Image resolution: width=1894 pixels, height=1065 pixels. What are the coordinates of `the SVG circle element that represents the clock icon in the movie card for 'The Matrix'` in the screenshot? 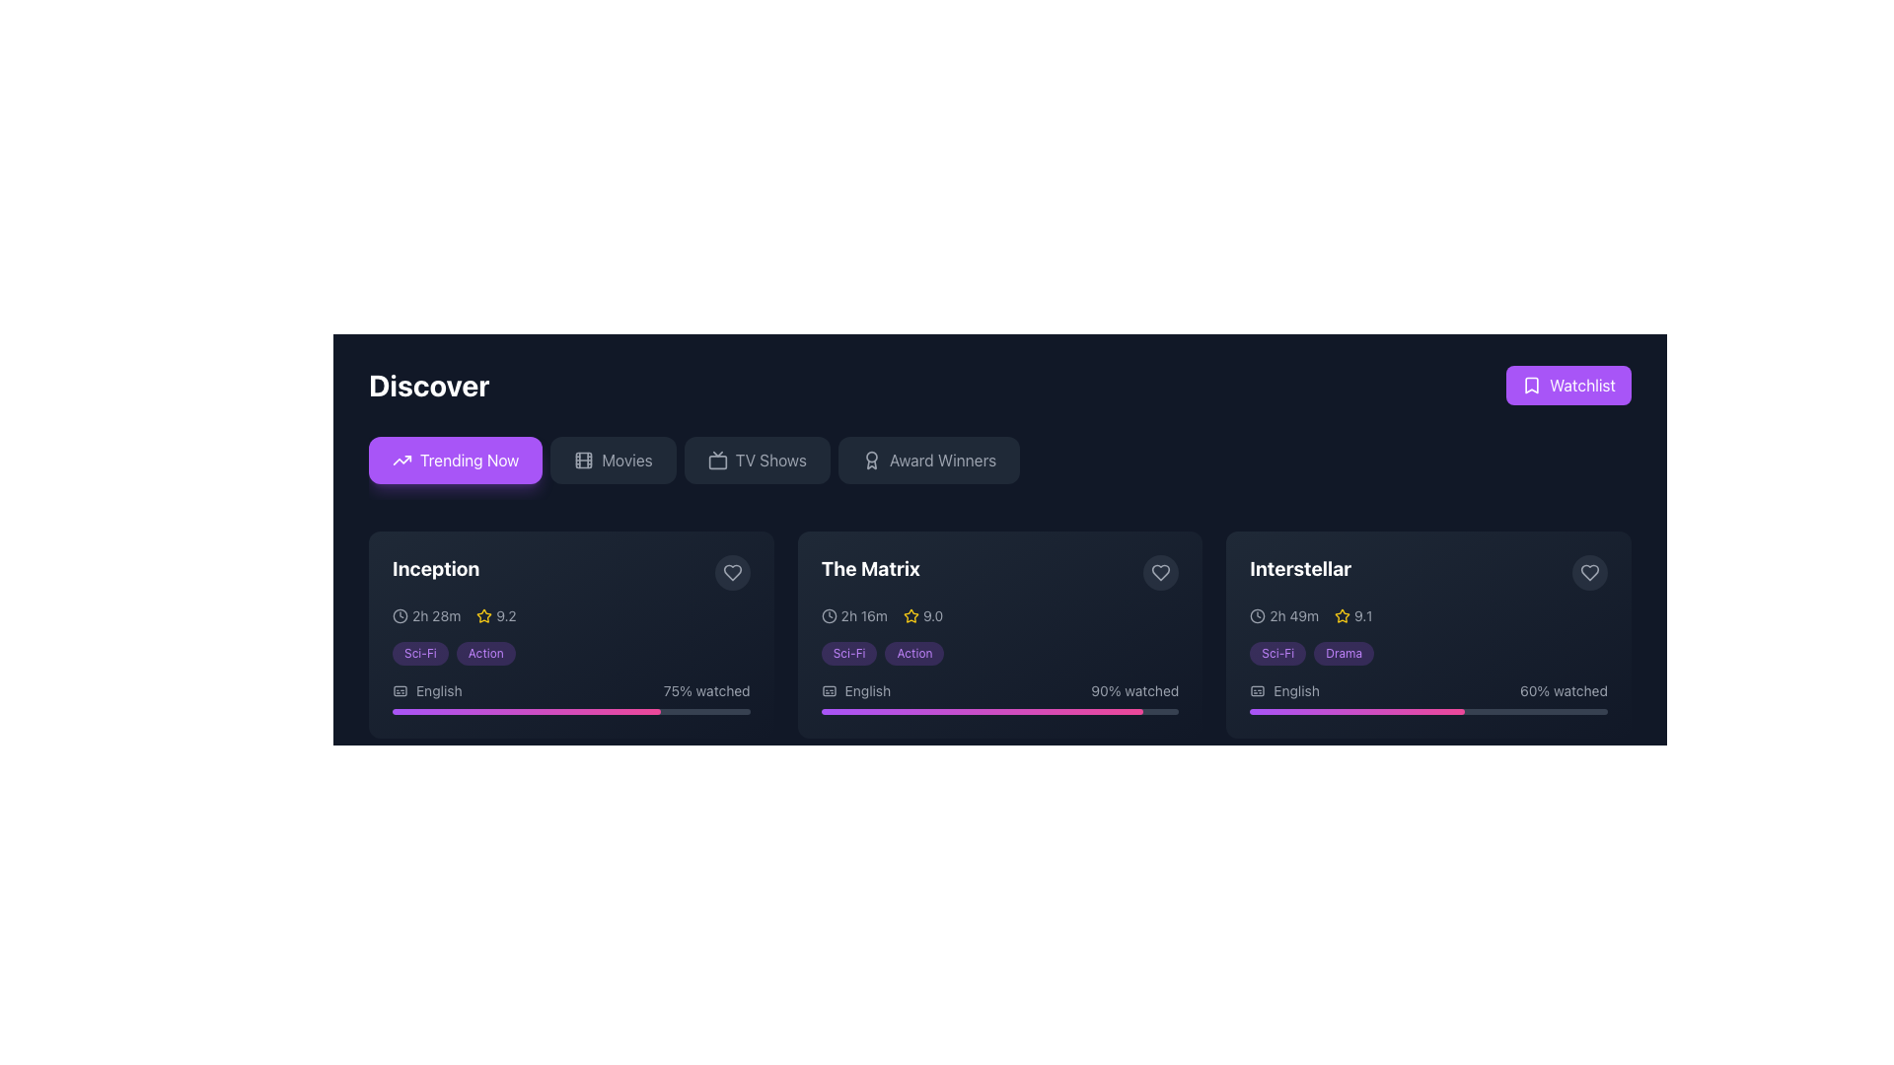 It's located at (829, 614).